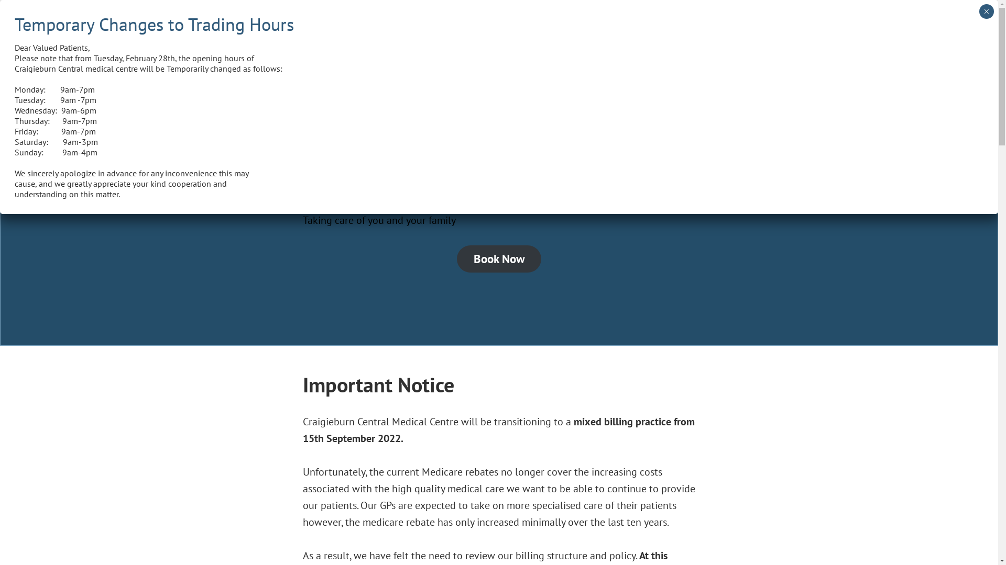  Describe the element at coordinates (756, 62) in the screenshot. I see `'Facebook'` at that location.